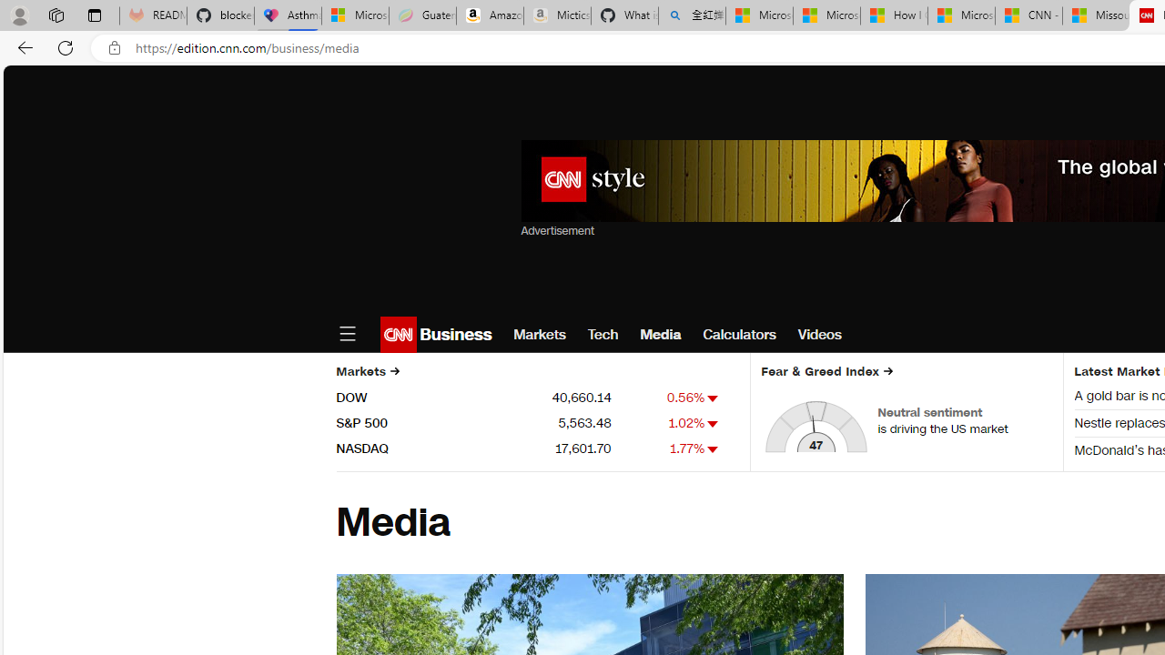  What do you see at coordinates (659, 334) in the screenshot?
I see `'Media'` at bounding box center [659, 334].